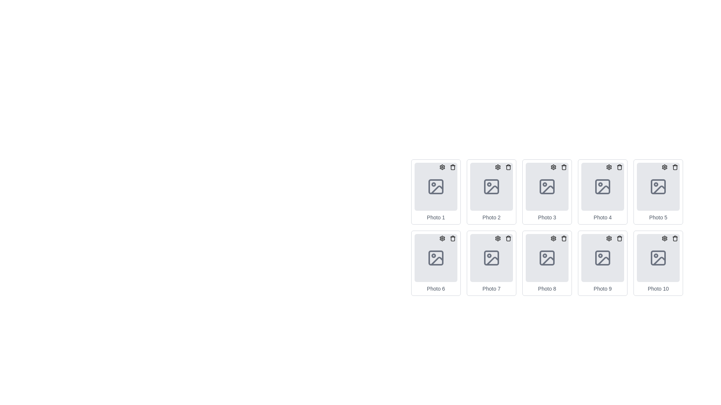 The image size is (721, 405). I want to click on the settings button located in the top-right corner of the third image card, so click(553, 167).